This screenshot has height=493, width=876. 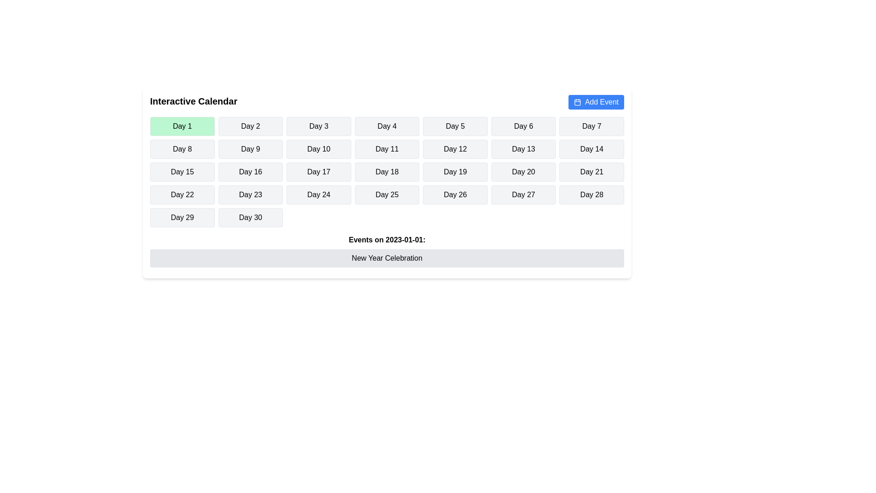 What do you see at coordinates (602, 102) in the screenshot?
I see `the button labeled 'Add Event' which is styled in white font on a blue background, located at the top-right side of the calendar interface, adjacent to a calendar icon` at bounding box center [602, 102].